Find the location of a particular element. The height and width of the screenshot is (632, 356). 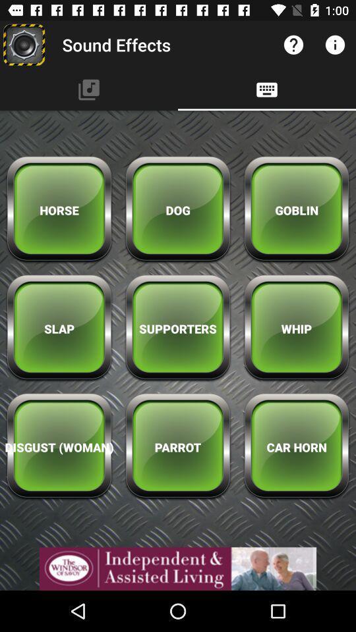

the button left side of parrot button is located at coordinates (59, 447).